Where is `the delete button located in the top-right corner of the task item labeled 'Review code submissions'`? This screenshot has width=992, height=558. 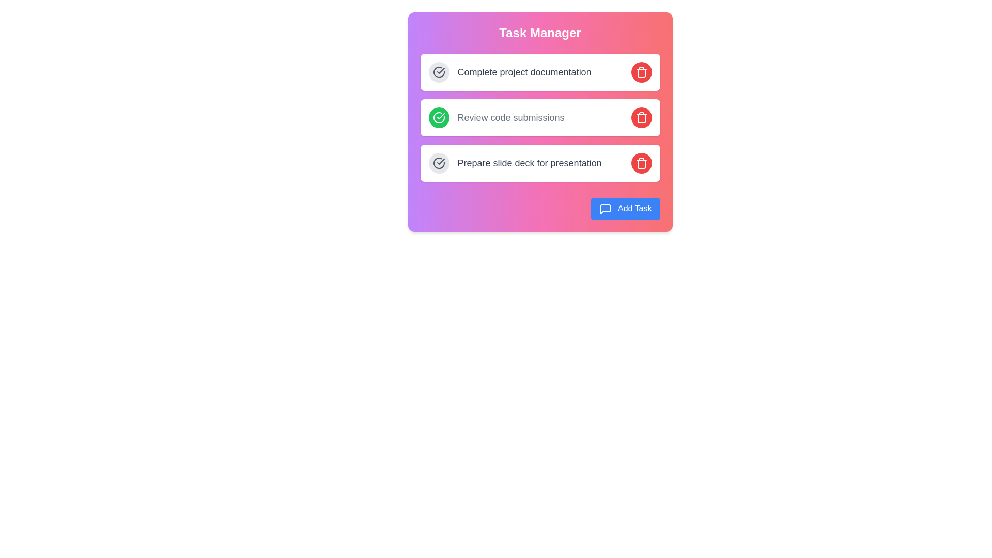
the delete button located in the top-right corner of the task item labeled 'Review code submissions' is located at coordinates (641, 117).